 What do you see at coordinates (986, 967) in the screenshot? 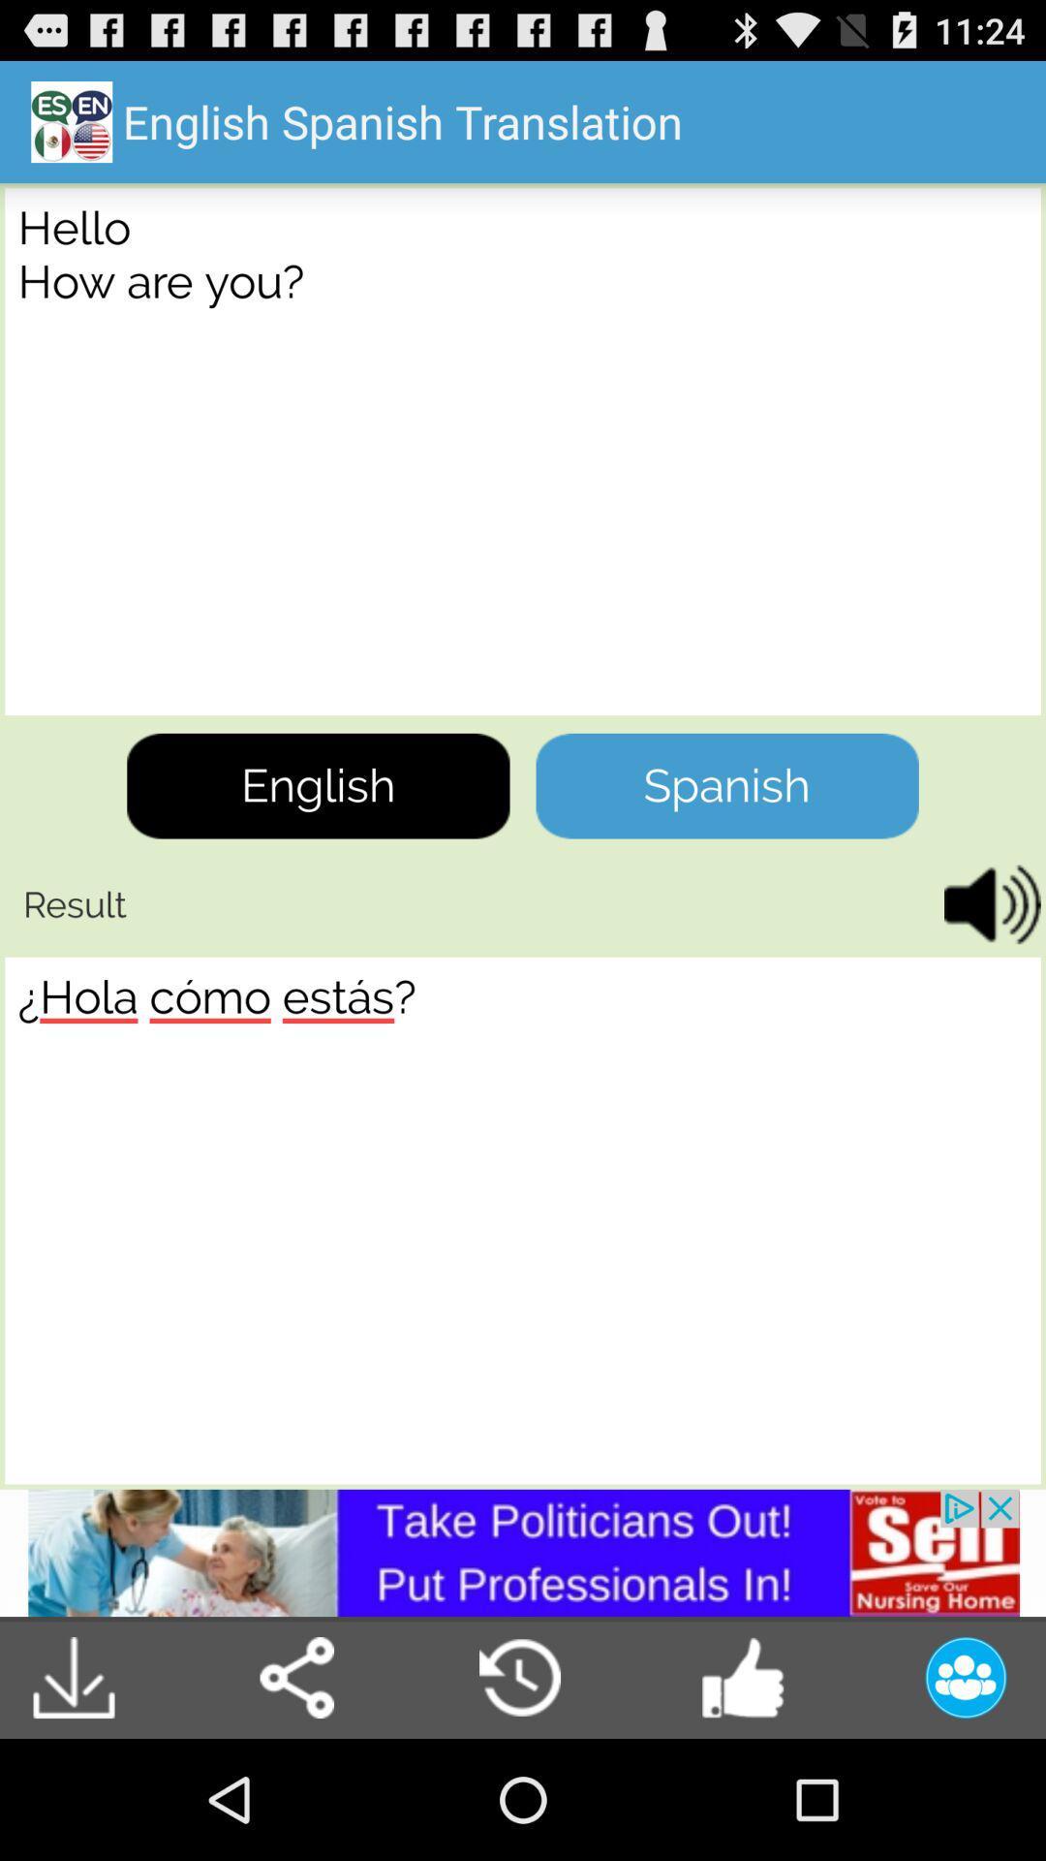
I see `the volume icon` at bounding box center [986, 967].